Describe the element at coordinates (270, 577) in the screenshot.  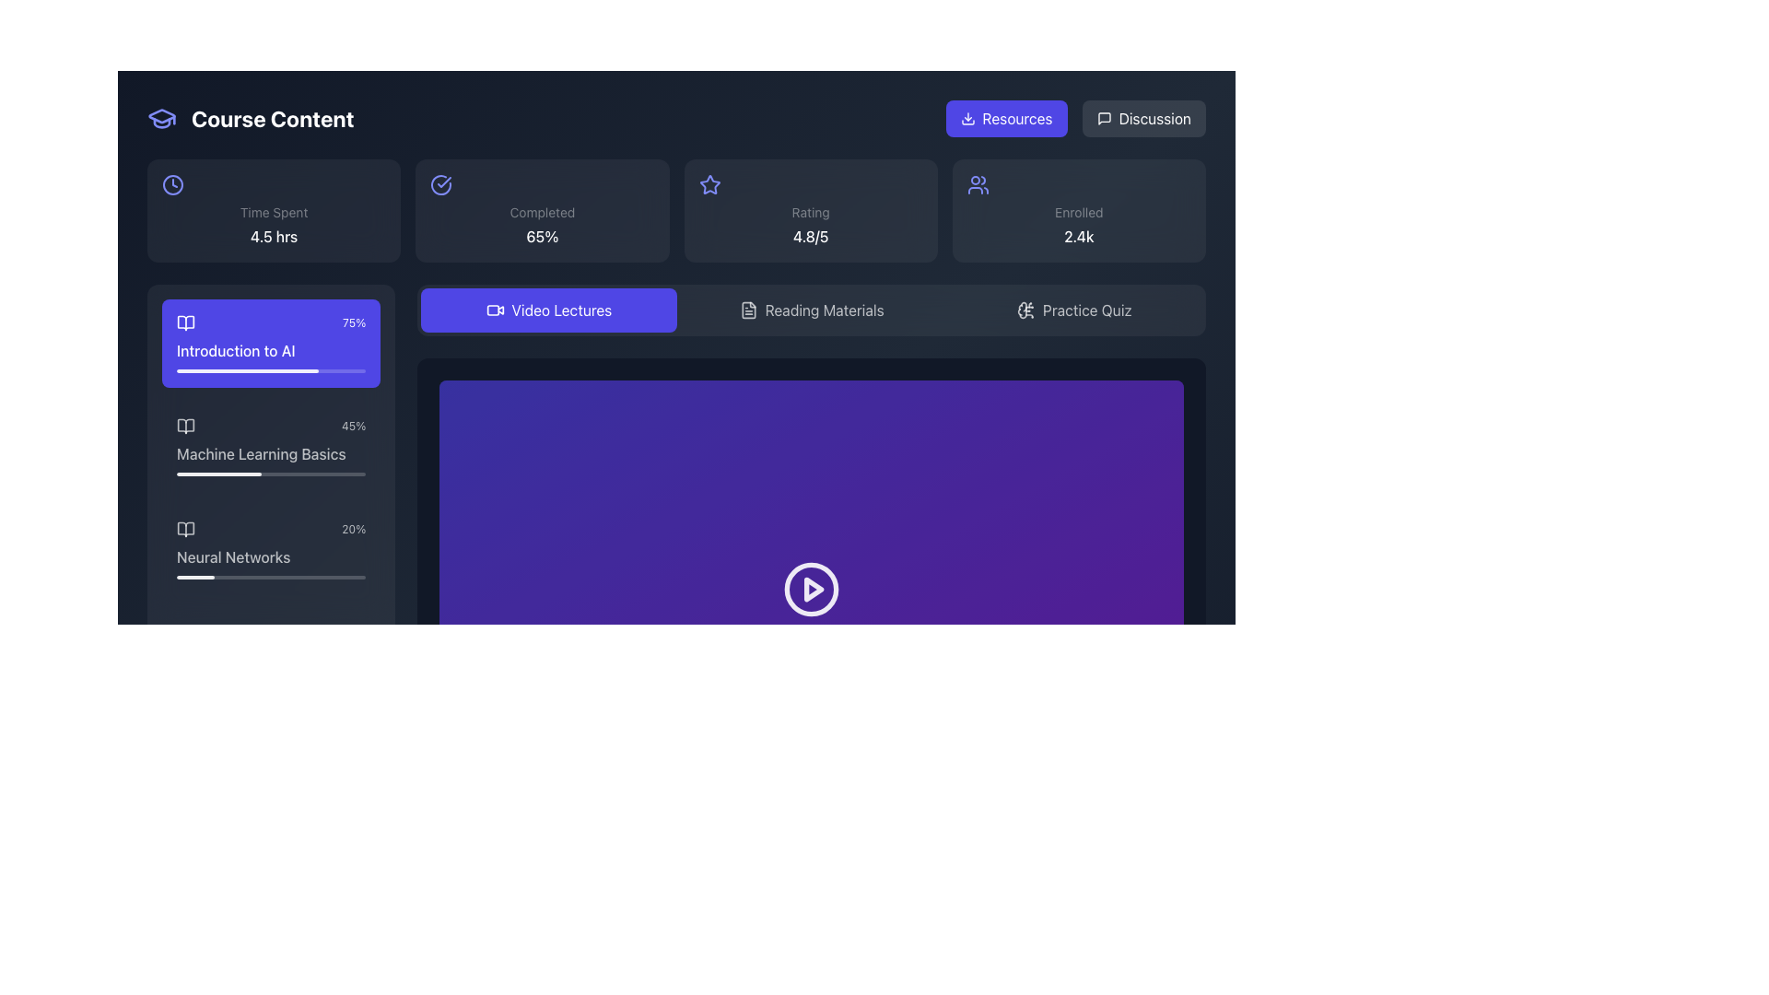
I see `the horizontal progress bar that visually represents the completion percentage of the 'Neural Networks' module, located below the 'Neural Networks' text in the sidebar` at that location.